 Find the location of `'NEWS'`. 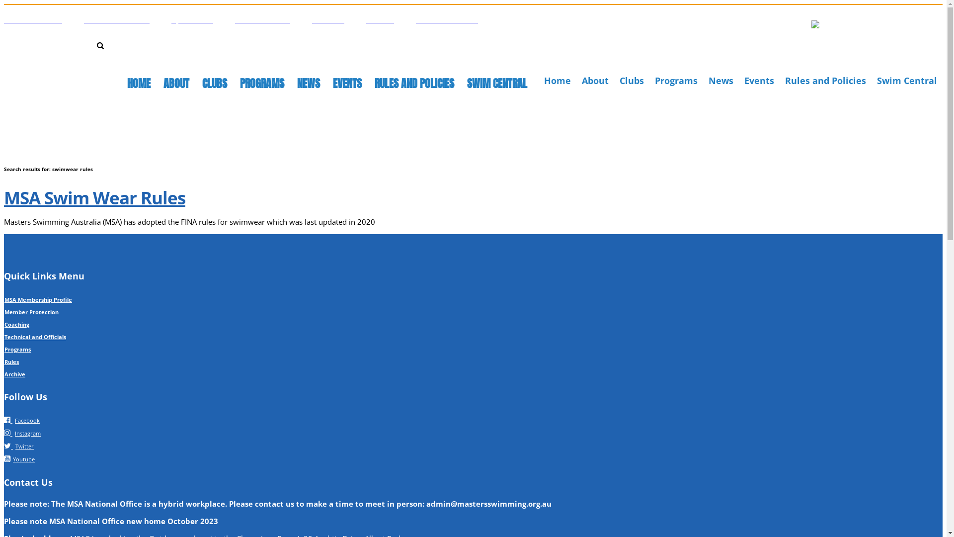

'NEWS' is located at coordinates (308, 83).